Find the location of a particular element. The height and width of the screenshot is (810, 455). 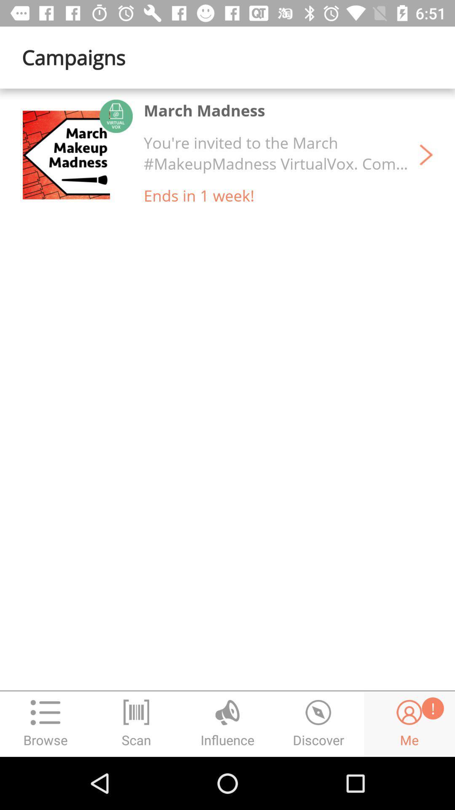

ends in 1 item is located at coordinates (199, 195).